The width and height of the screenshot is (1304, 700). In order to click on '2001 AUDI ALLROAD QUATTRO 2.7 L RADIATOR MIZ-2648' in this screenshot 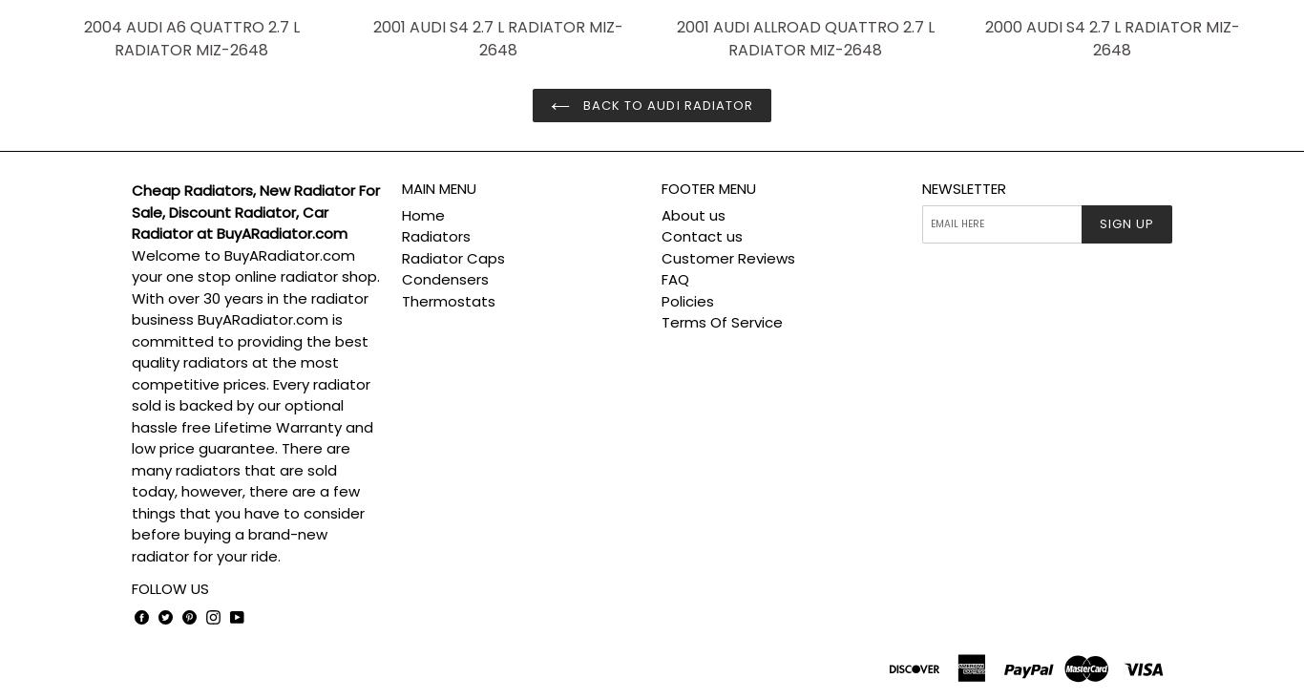, I will do `click(803, 37)`.